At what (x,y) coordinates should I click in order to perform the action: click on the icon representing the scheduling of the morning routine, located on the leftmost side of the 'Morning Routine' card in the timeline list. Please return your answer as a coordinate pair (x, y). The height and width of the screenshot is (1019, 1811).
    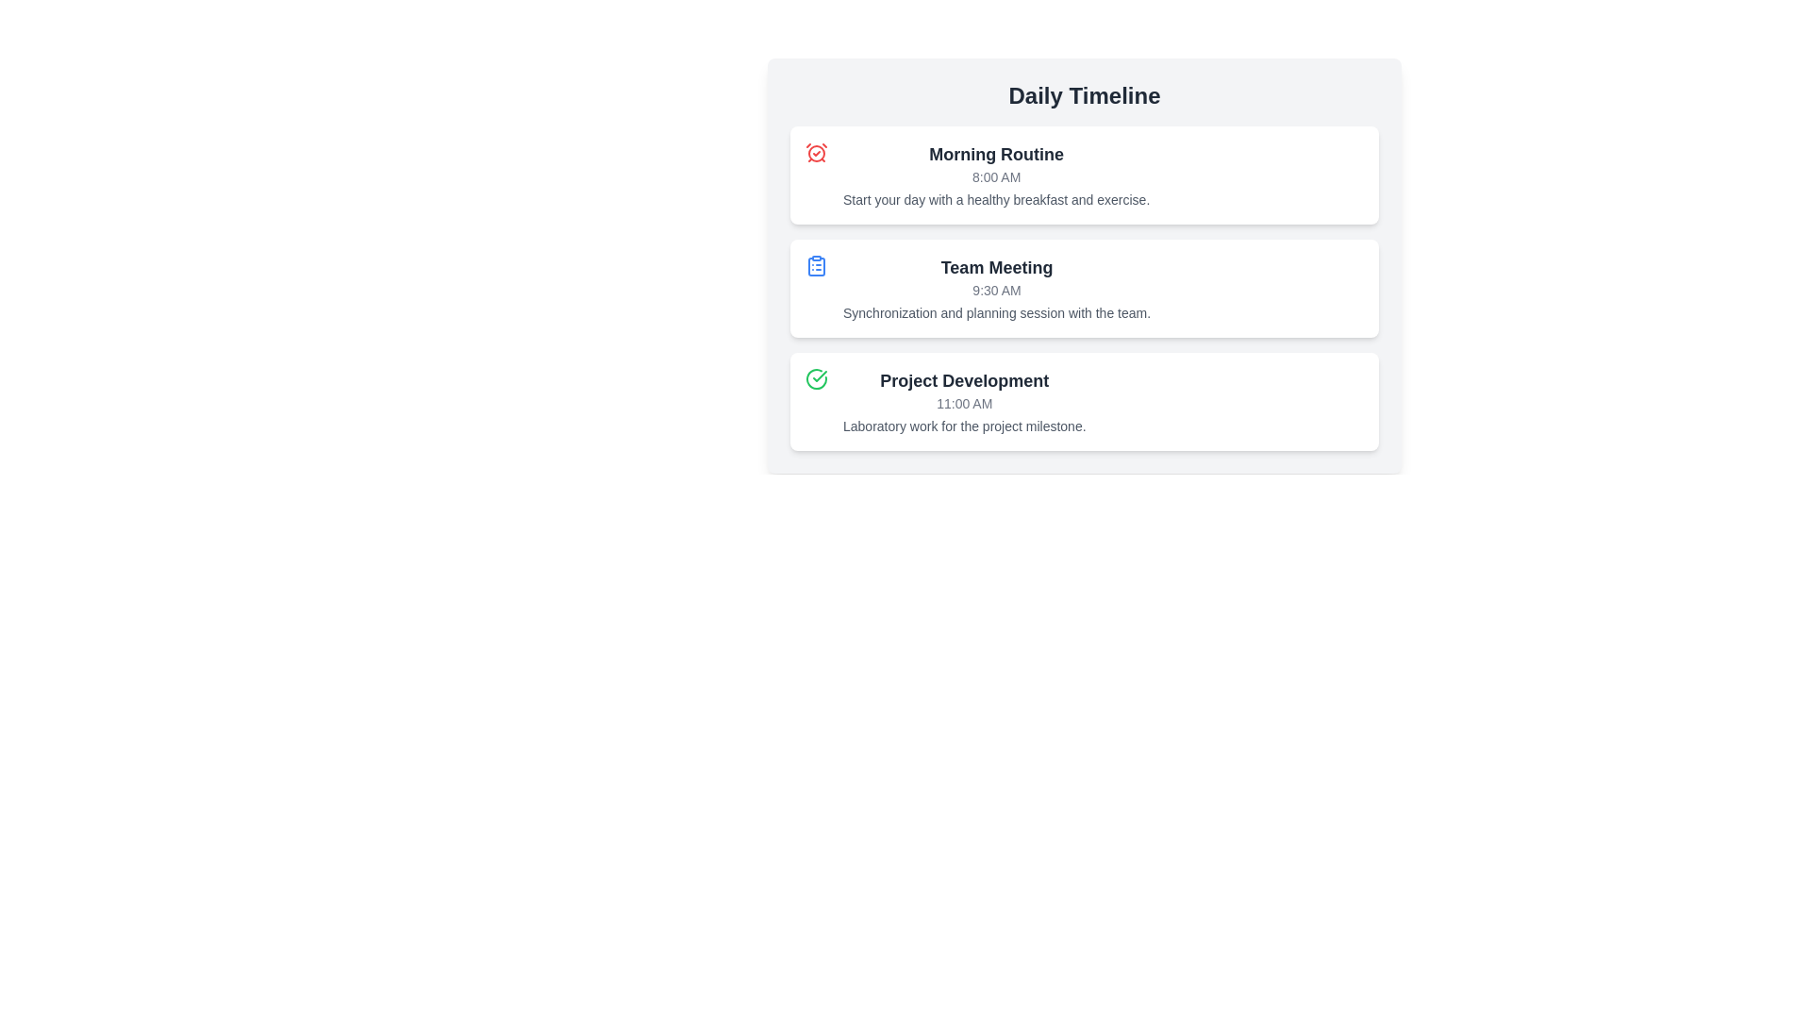
    Looking at the image, I should click on (816, 152).